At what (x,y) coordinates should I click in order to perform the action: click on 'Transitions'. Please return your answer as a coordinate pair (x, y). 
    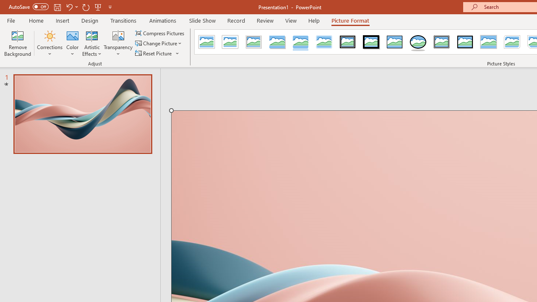
    Looking at the image, I should click on (123, 20).